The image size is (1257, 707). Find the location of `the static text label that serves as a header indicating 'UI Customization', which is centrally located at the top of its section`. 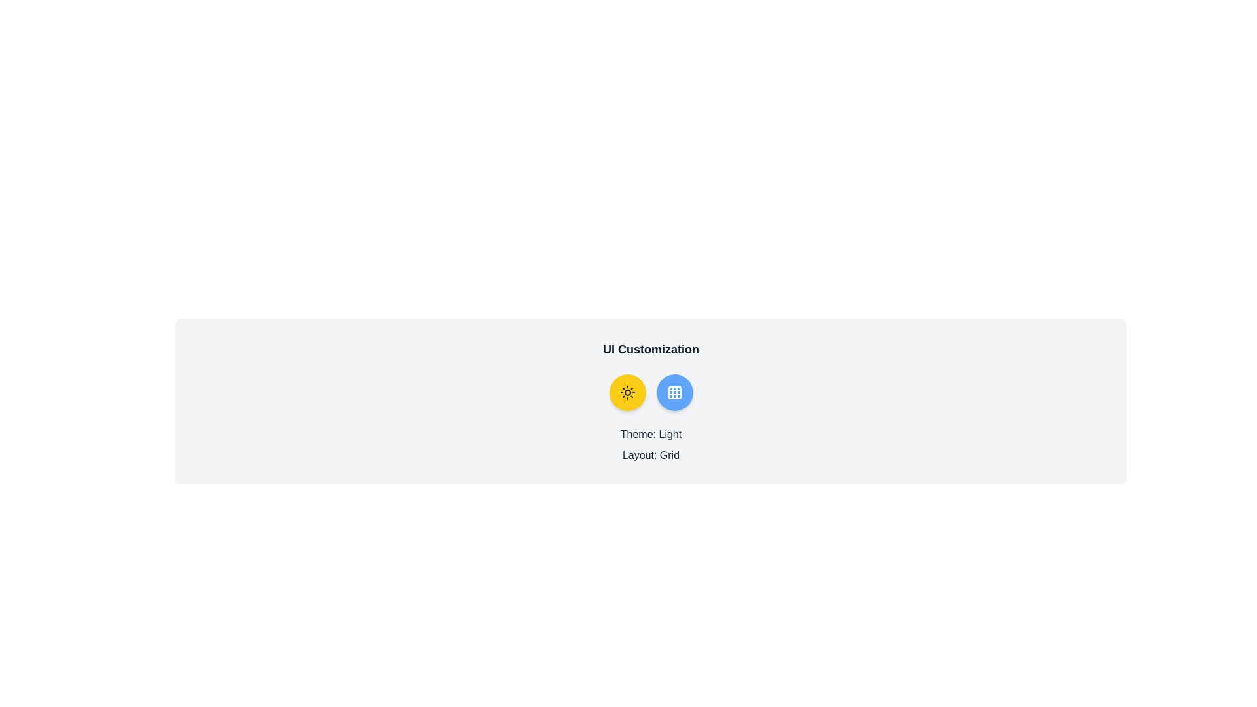

the static text label that serves as a header indicating 'UI Customization', which is centrally located at the top of its section is located at coordinates (651, 348).